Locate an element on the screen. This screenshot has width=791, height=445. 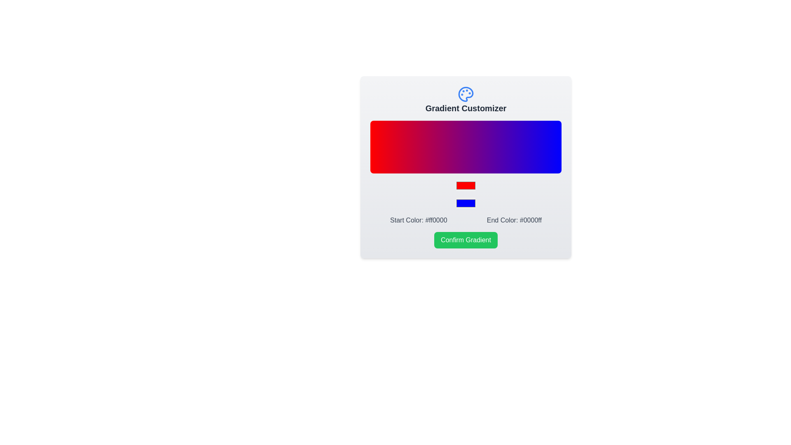
the 'Confirm Gradient' button to confirm the selected gradient colors is located at coordinates (466, 240).